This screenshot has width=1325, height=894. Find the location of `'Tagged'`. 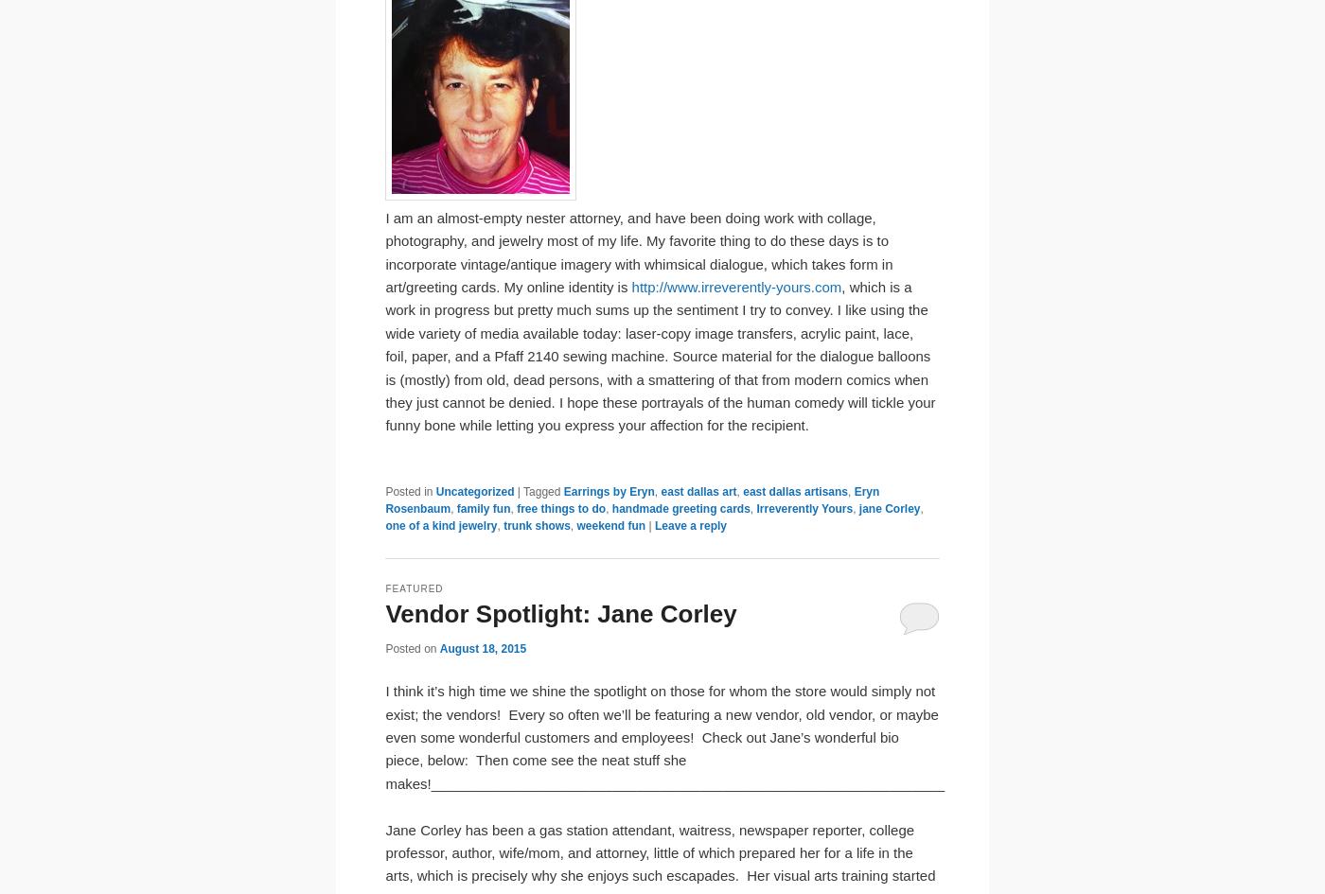

'Tagged' is located at coordinates (541, 491).